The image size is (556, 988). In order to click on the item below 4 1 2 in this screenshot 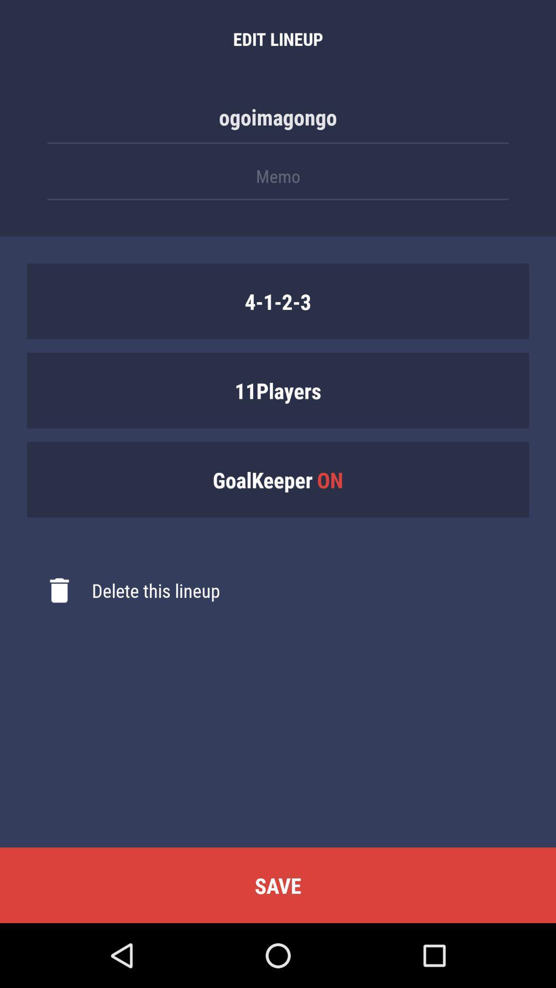, I will do `click(278, 390)`.